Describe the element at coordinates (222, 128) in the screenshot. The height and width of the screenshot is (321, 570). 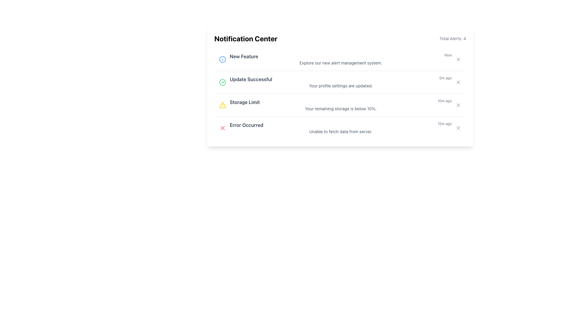
I see `the close button represented by an 'X' icon located in the 'Error Occurred' notification row` at that location.